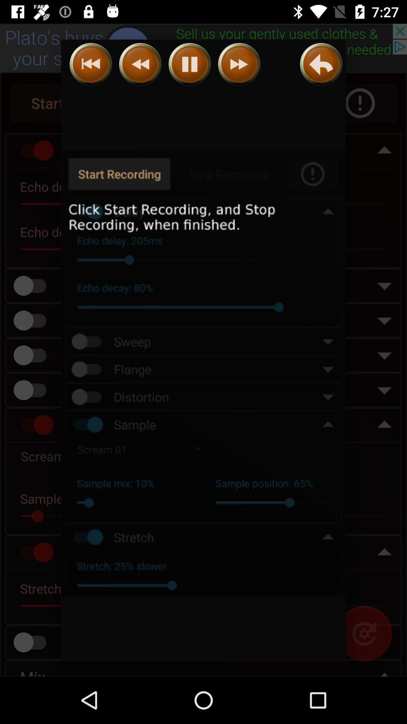 Image resolution: width=407 pixels, height=724 pixels. What do you see at coordinates (140, 64) in the screenshot?
I see `back button` at bounding box center [140, 64].